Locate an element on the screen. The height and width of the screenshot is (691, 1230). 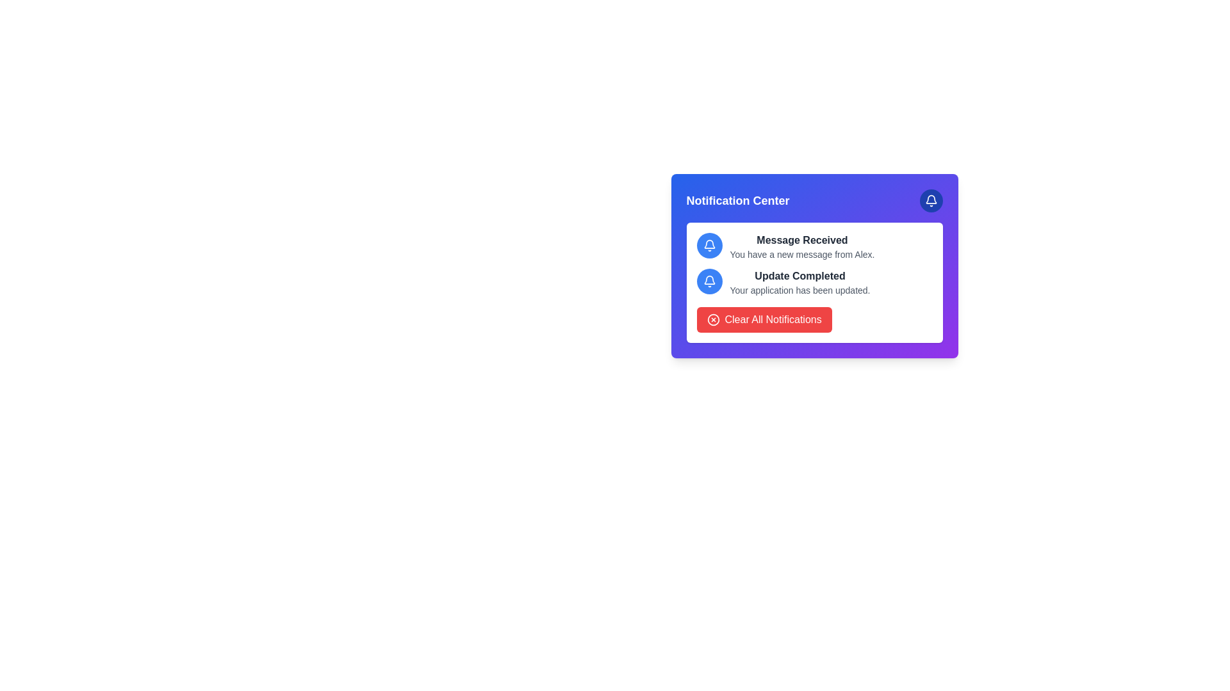
the first informational notification in the notifications section, which indicates a recent message received and is located above the 'Update Completed' notification is located at coordinates (814, 246).